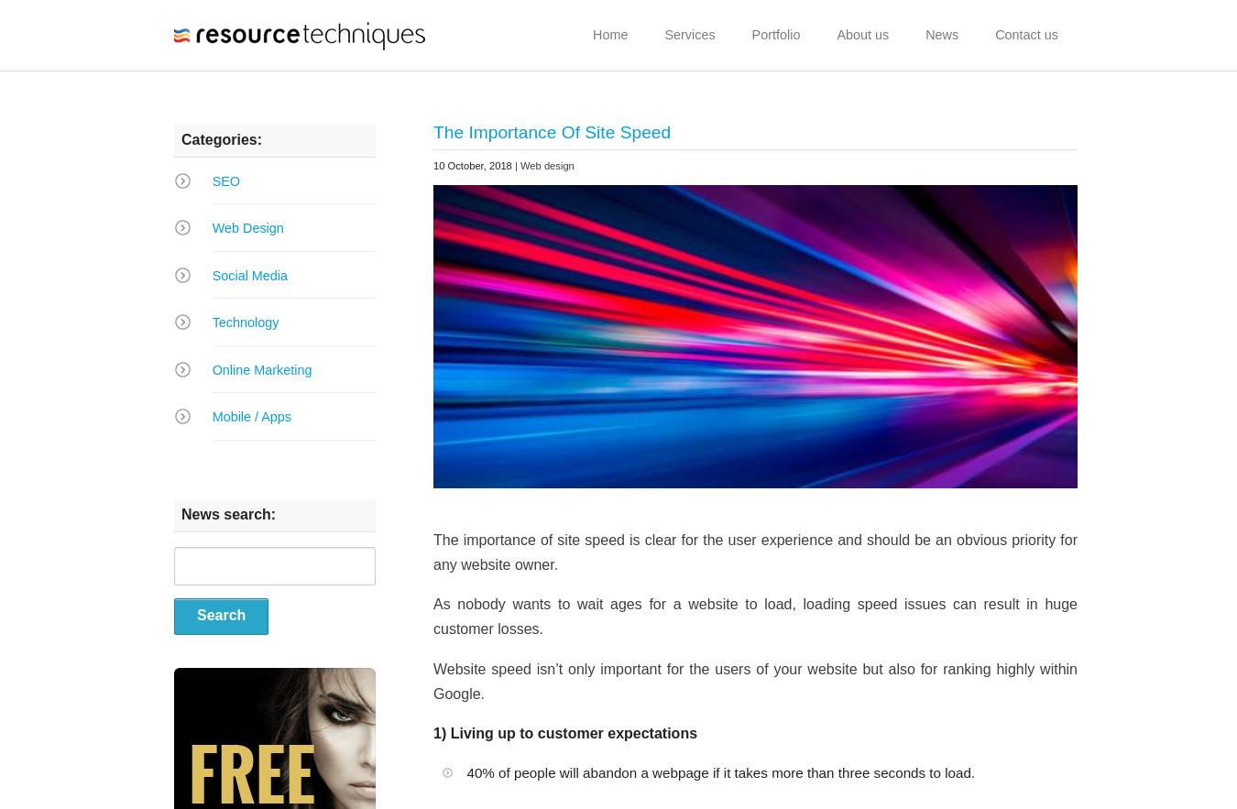 This screenshot has height=809, width=1237. Describe the element at coordinates (248, 275) in the screenshot. I see `'Social Media'` at that location.